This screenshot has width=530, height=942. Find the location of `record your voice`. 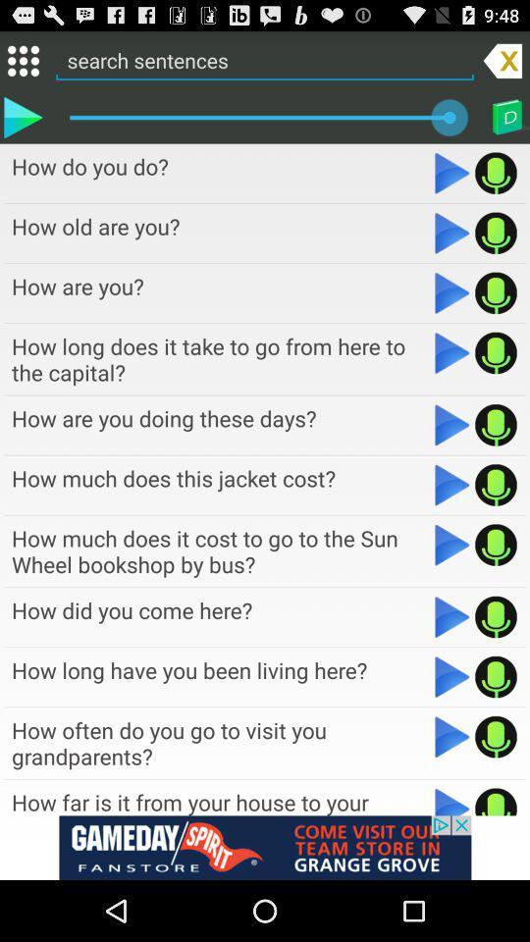

record your voice is located at coordinates (495, 291).